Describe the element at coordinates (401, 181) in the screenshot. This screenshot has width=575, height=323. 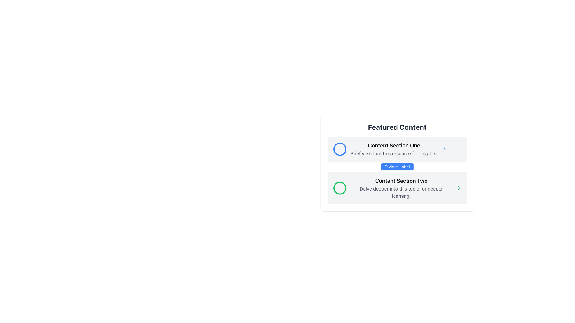
I see `displayed text of the Text Label, which serves as a section title indicating the topic or main focus of the section, located above the descriptive text in the second card-like section` at that location.